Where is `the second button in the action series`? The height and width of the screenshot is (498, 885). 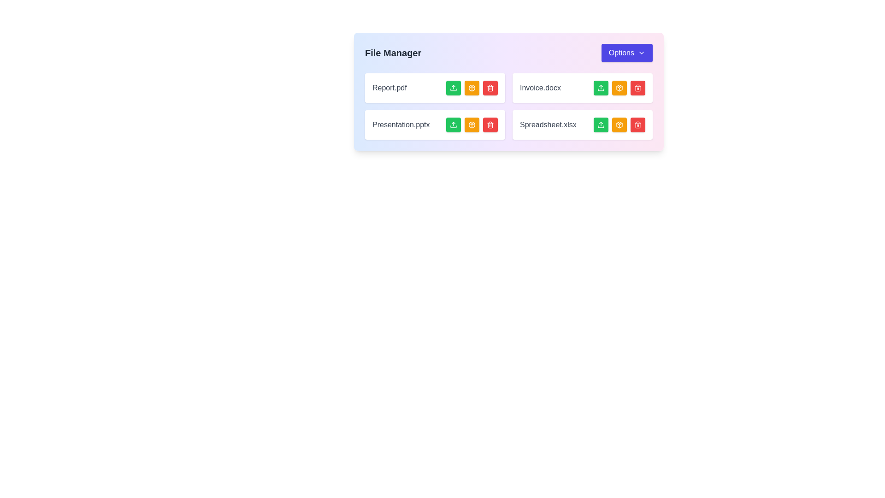
the second button in the action series is located at coordinates (619, 88).